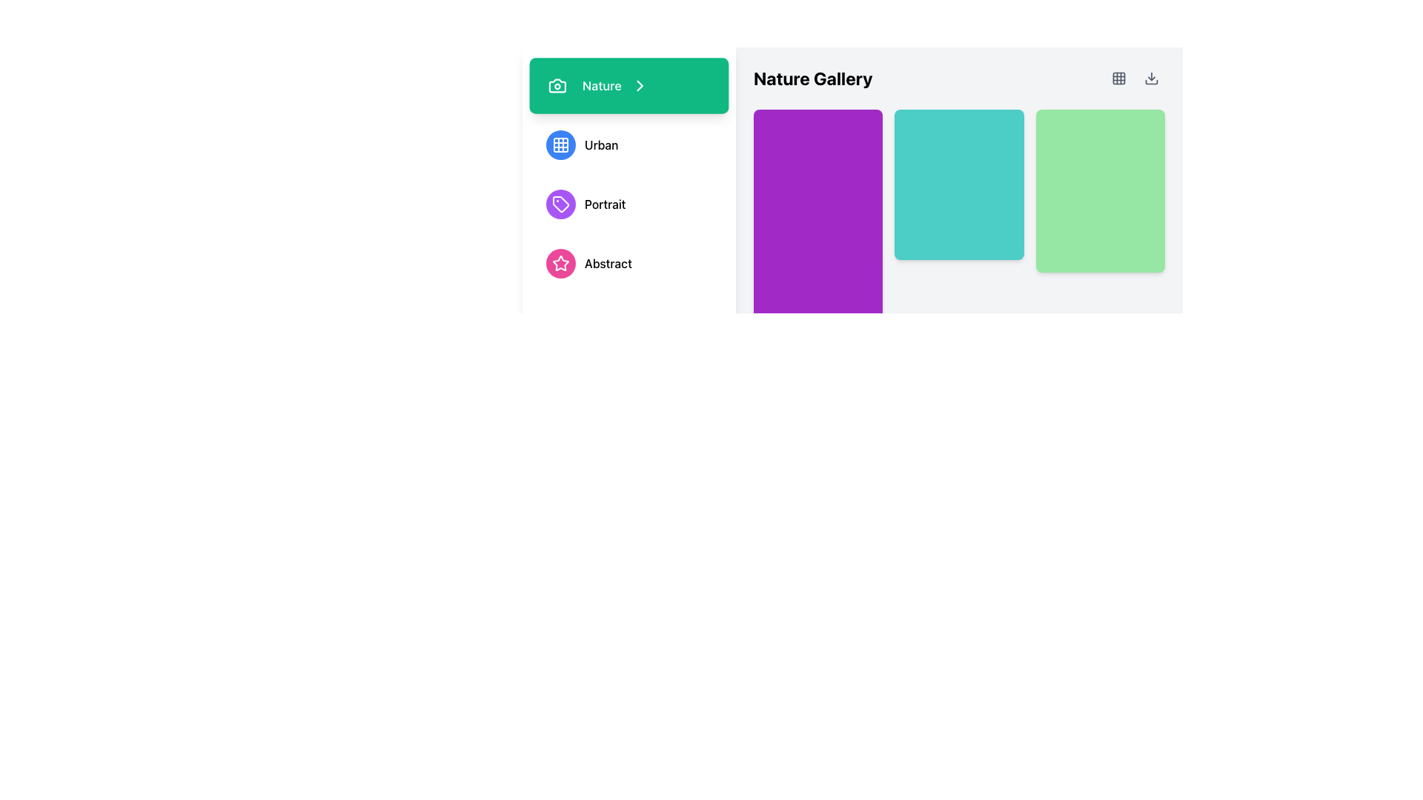  Describe the element at coordinates (629, 262) in the screenshot. I see `the 'Abstract' navigation button, which is the fourth item in the vertical sidebar menu` at that location.